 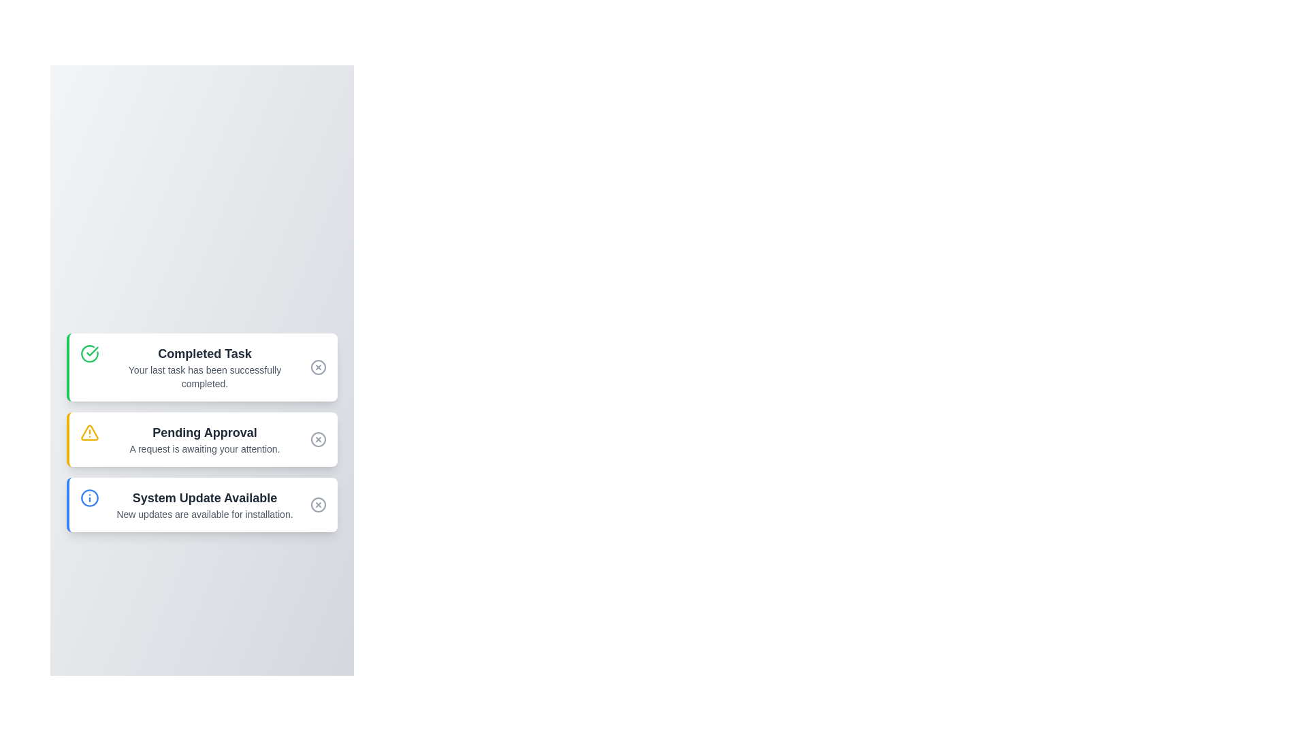 What do you see at coordinates (317, 367) in the screenshot?
I see `close button for the alert with title Completed Task` at bounding box center [317, 367].